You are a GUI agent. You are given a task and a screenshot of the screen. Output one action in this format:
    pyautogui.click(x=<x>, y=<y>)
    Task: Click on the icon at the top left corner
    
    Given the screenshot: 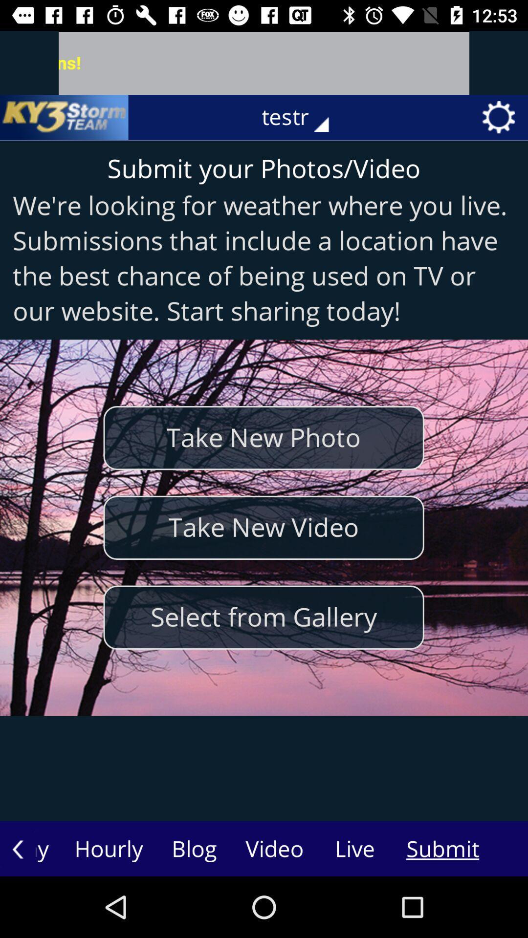 What is the action you would take?
    pyautogui.click(x=64, y=117)
    